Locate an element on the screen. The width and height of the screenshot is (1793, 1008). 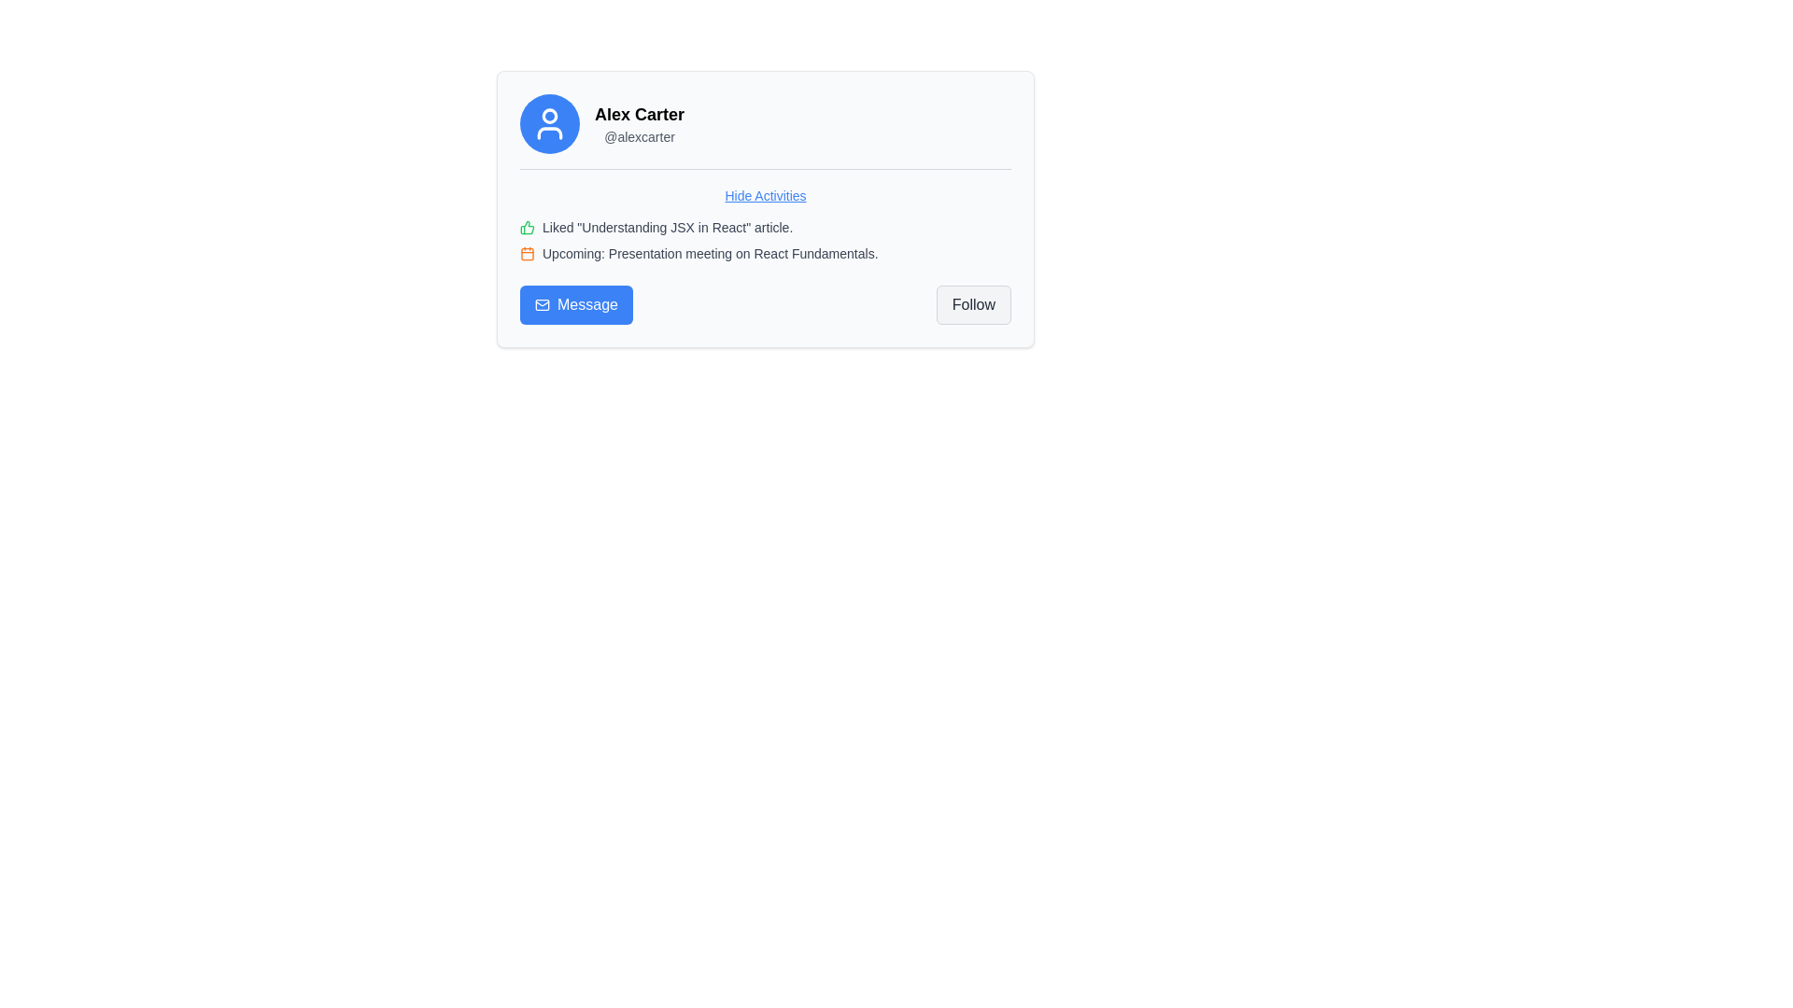
the interactive text link located near the top of the user activity section, to the right within the profile details, directly above the listed activities to hide or collapse the displayed activity details is located at coordinates (766, 195).